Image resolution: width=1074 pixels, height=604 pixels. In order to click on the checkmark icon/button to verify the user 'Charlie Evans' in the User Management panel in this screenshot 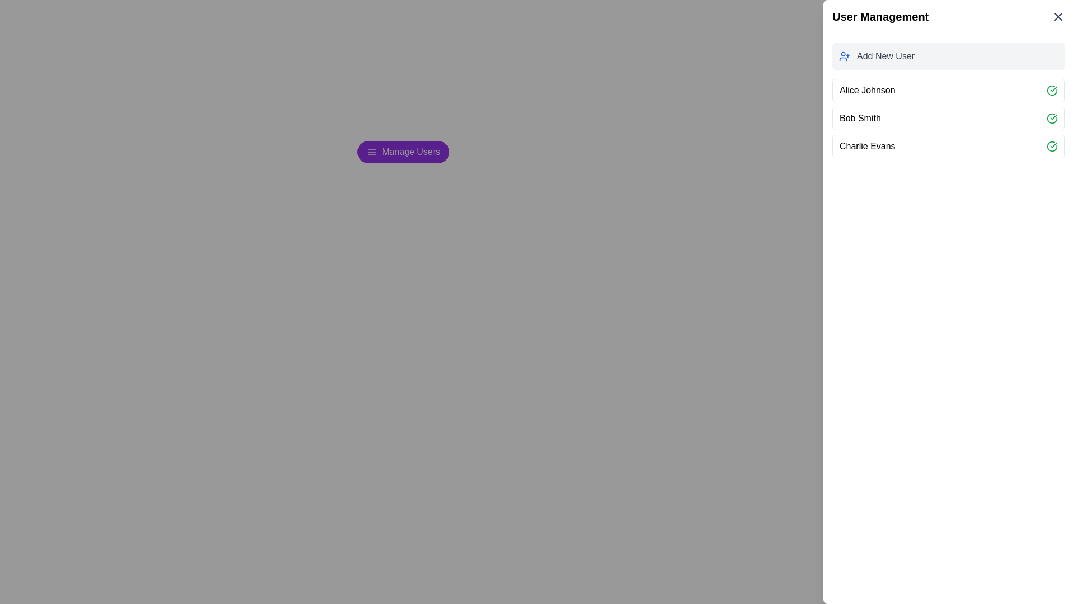, I will do `click(1052, 146)`.